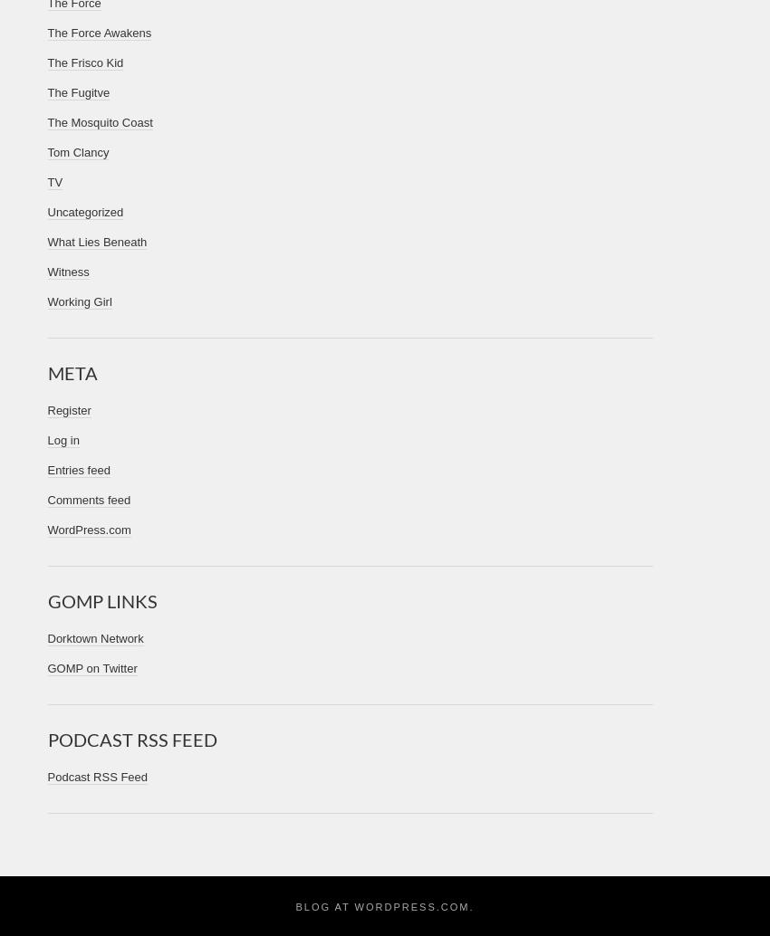  I want to click on 'Uncategorized', so click(84, 212).